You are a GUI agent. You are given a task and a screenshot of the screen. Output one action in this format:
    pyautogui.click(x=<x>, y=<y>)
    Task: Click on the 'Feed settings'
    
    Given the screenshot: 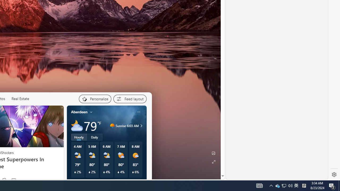 What is the action you would take?
    pyautogui.click(x=130, y=99)
    